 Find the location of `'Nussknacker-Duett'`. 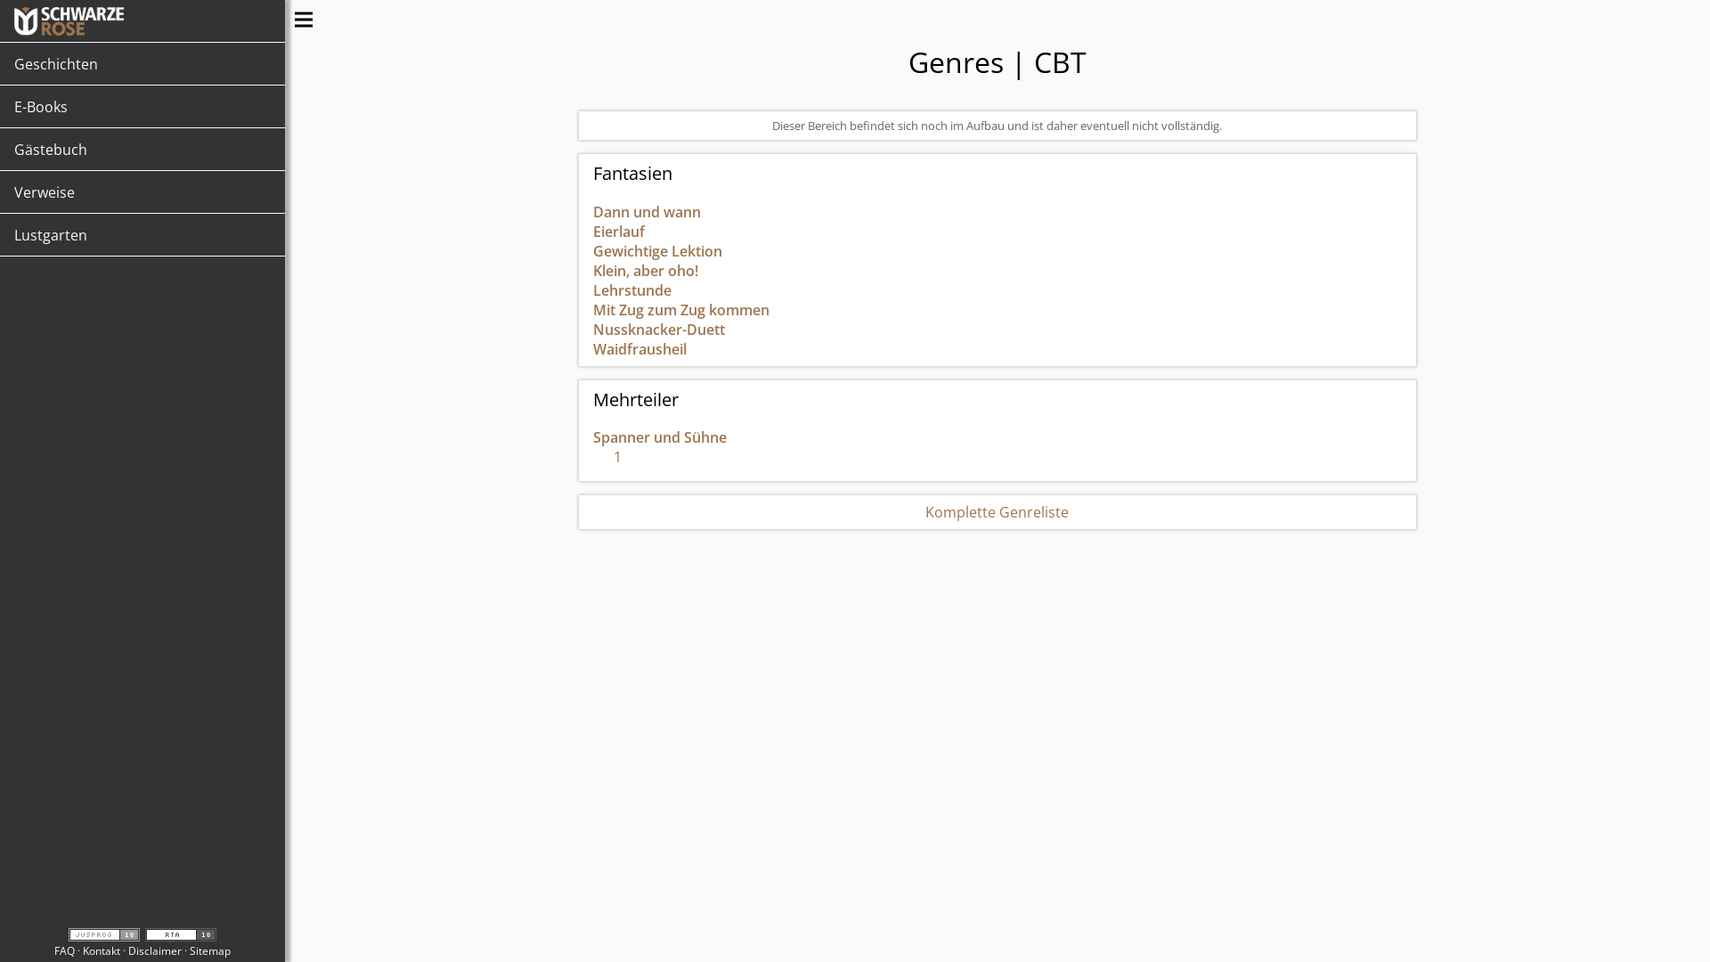

'Nussknacker-Duett' is located at coordinates (657, 330).